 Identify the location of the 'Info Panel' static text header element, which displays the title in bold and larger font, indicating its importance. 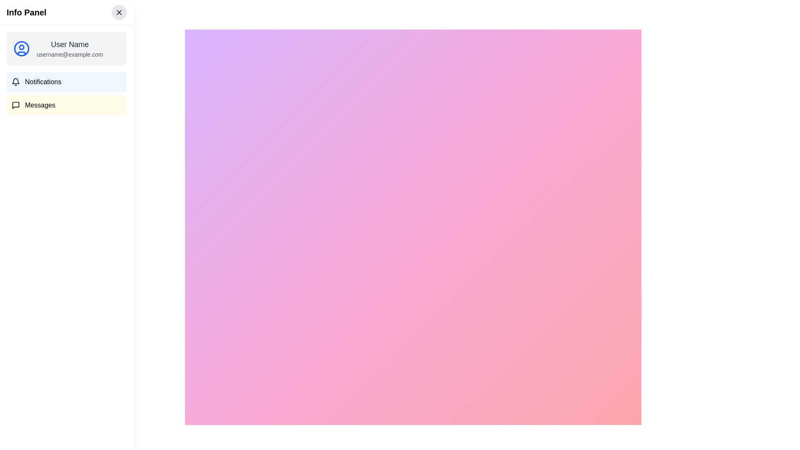
(26, 12).